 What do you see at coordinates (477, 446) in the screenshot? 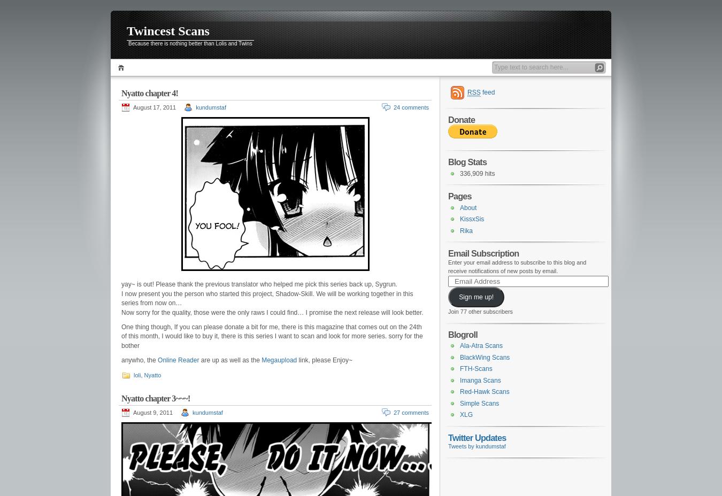
I see `'Tweets by kundumstaf'` at bounding box center [477, 446].